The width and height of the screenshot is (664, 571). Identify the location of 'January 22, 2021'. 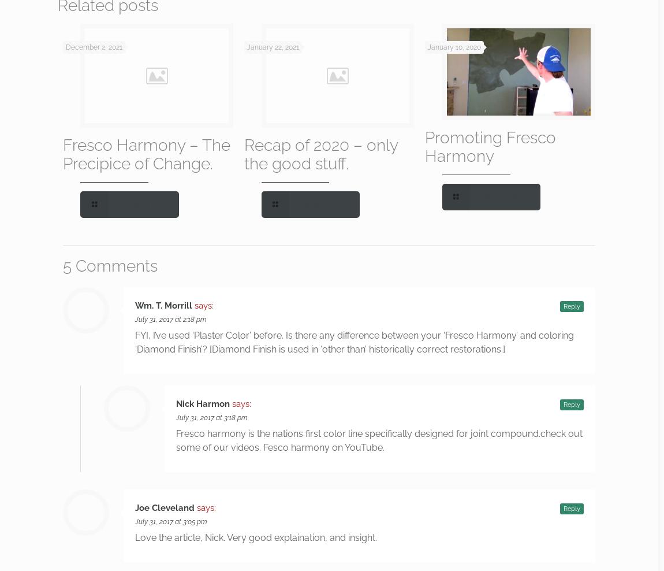
(272, 47).